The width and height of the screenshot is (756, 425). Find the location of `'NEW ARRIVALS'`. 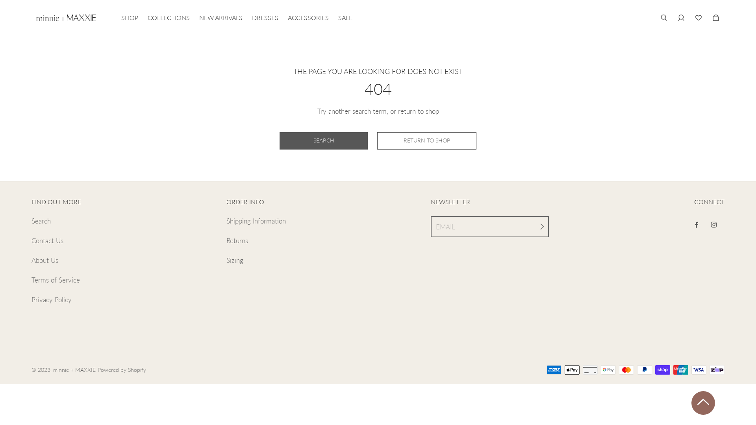

'NEW ARRIVALS' is located at coordinates (220, 18).